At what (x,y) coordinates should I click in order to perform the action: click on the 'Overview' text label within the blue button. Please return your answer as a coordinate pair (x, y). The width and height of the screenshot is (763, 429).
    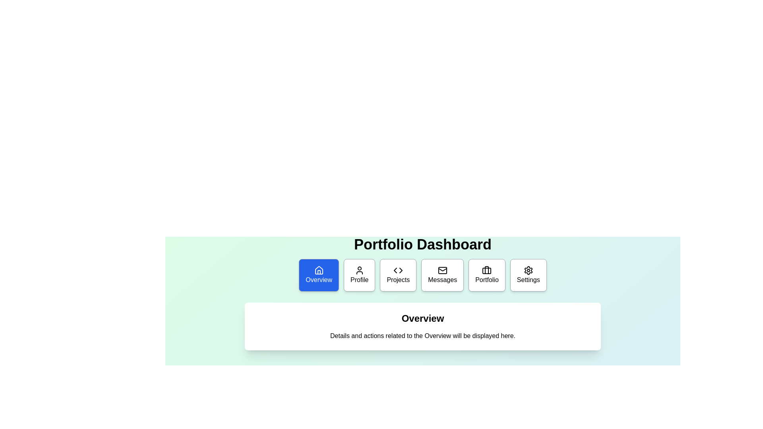
    Looking at the image, I should click on (319, 280).